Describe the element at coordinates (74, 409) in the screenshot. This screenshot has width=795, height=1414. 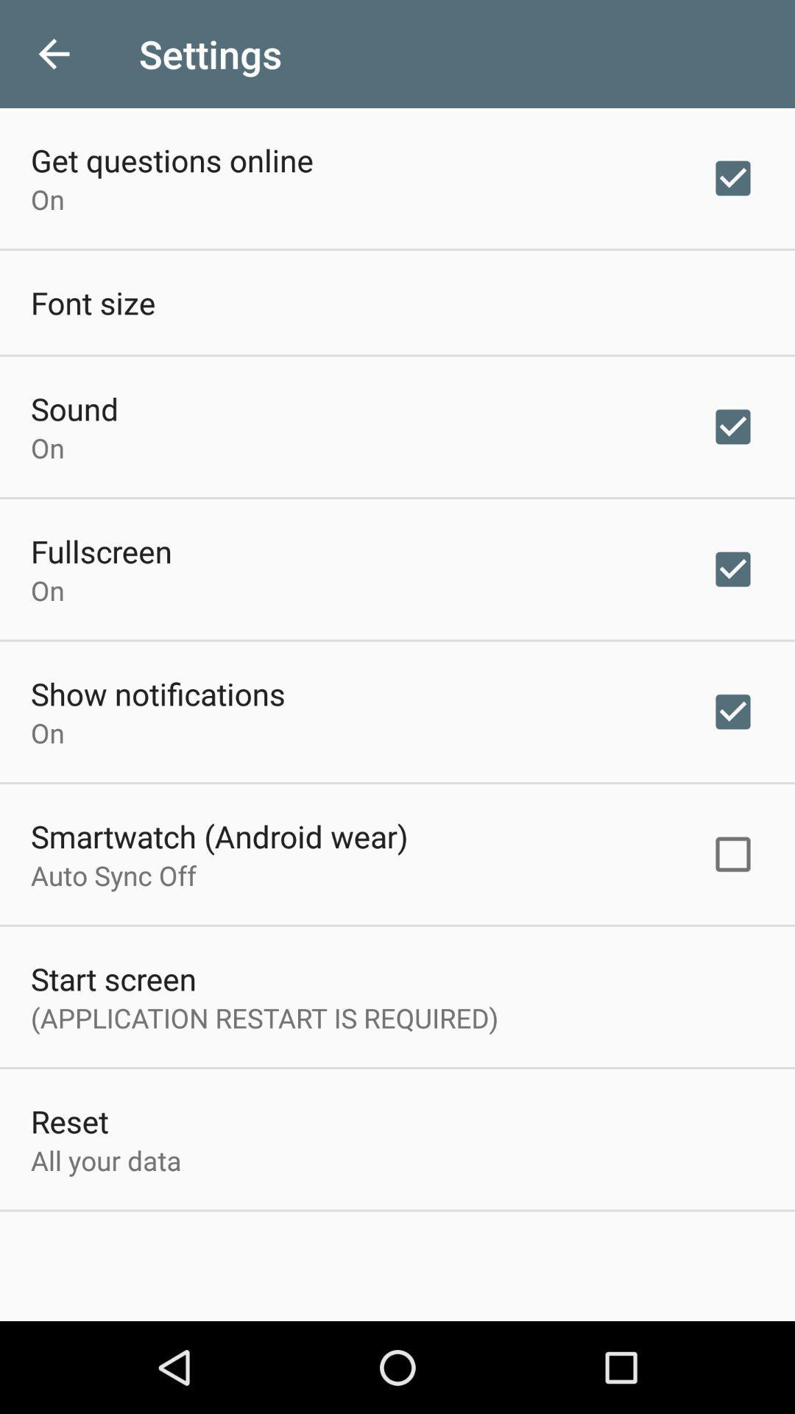
I see `the icon below font size icon` at that location.